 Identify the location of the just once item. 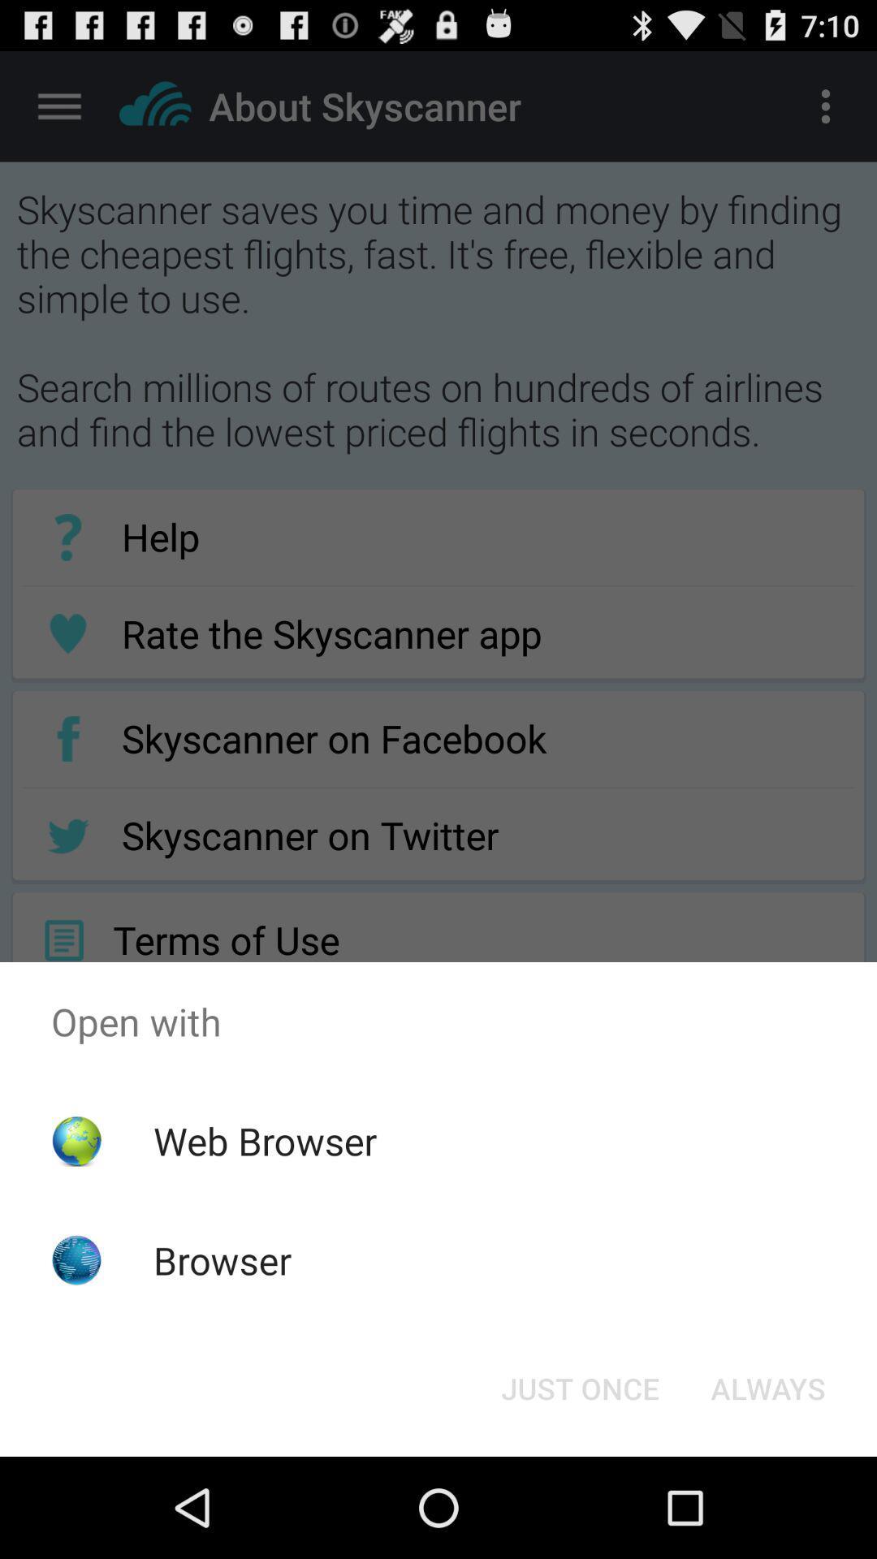
(579, 1387).